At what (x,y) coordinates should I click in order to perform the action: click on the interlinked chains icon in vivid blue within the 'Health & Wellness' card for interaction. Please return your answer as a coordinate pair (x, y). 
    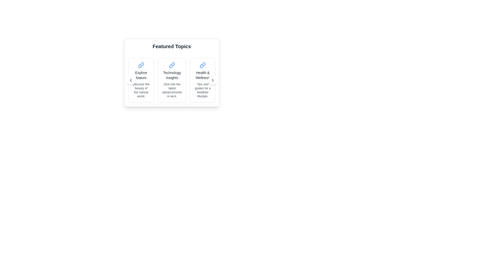
    Looking at the image, I should click on (203, 65).